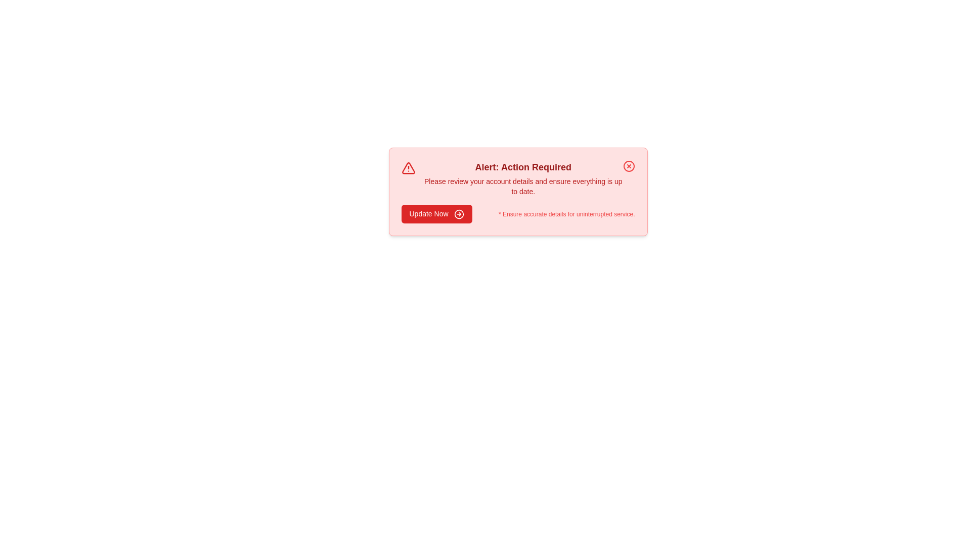 The width and height of the screenshot is (971, 546). What do you see at coordinates (408, 167) in the screenshot?
I see `the alert icon to trigger a tooltip or visual response` at bounding box center [408, 167].